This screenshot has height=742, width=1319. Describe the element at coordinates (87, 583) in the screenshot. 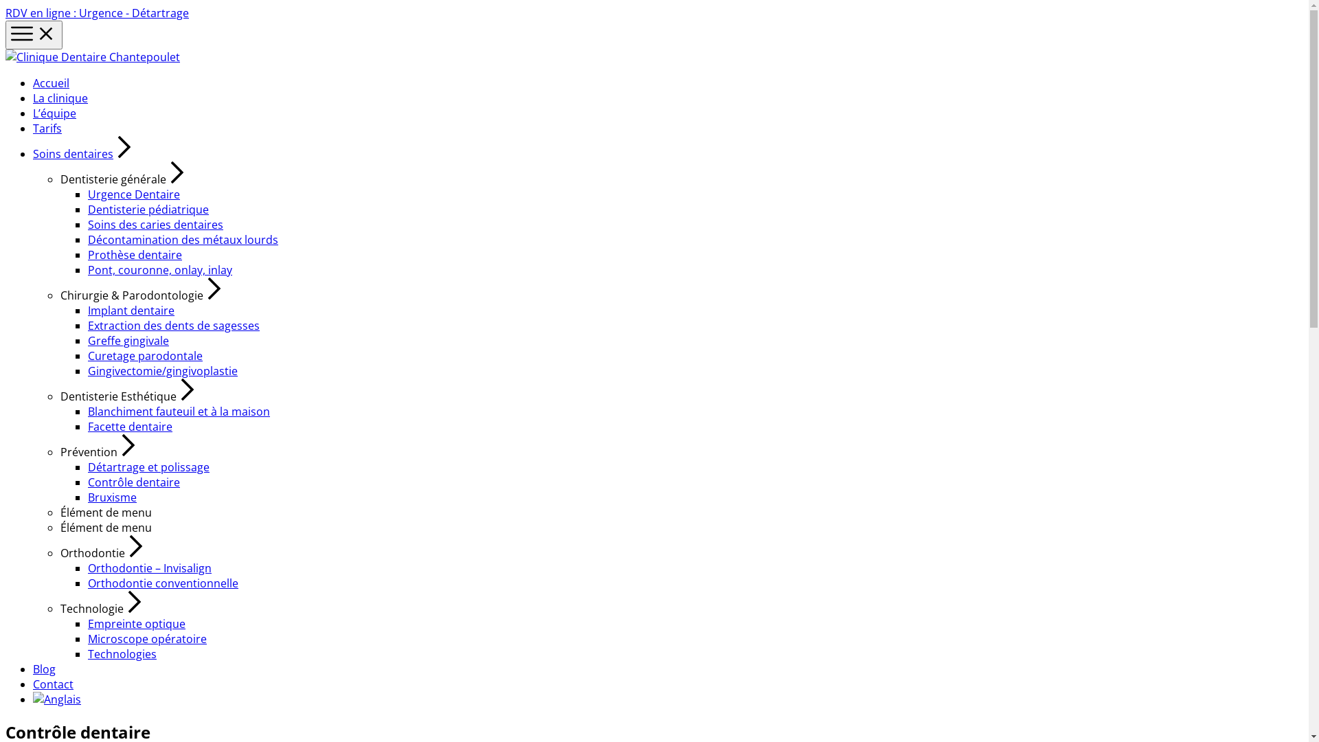

I see `'Orthodontie conventionnelle'` at that location.